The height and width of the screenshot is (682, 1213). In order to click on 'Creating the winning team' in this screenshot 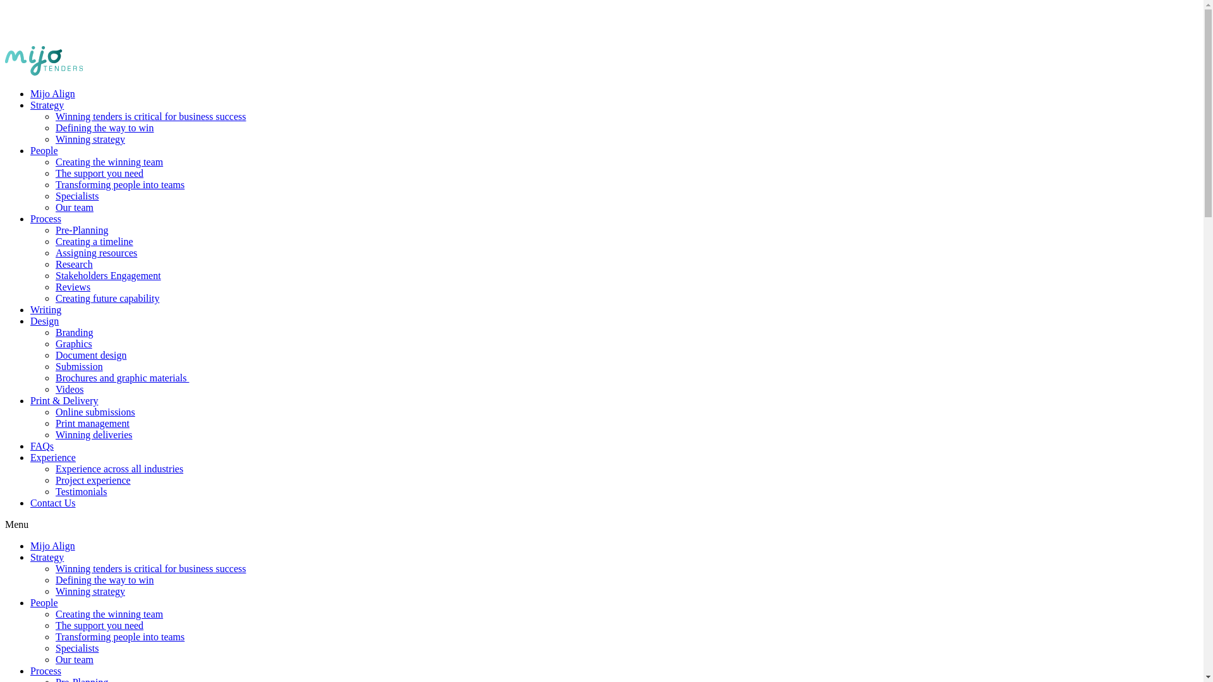, I will do `click(109, 613)`.